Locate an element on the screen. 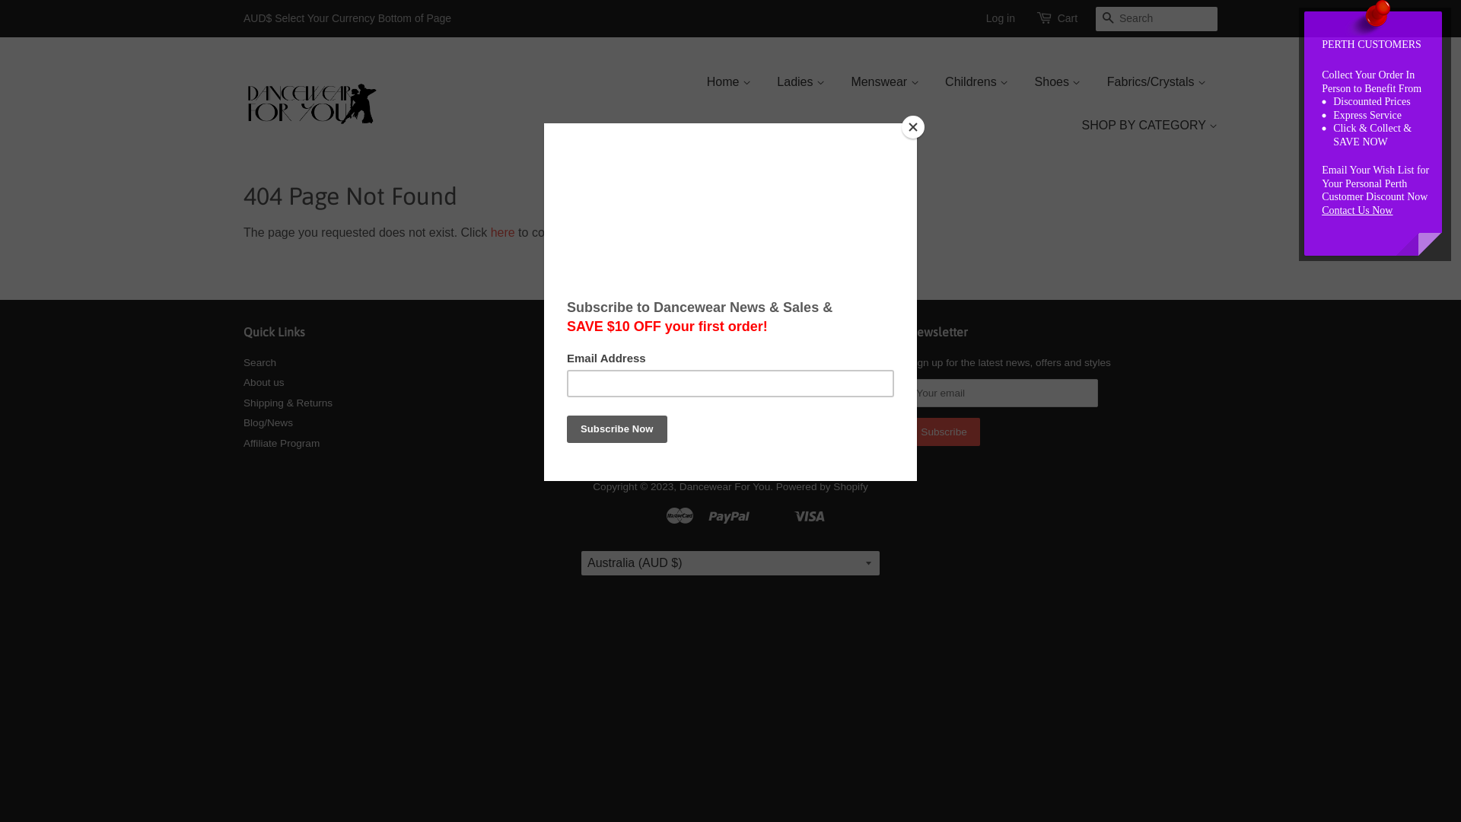 This screenshot has height=822, width=1461. 'here' is located at coordinates (503, 232).